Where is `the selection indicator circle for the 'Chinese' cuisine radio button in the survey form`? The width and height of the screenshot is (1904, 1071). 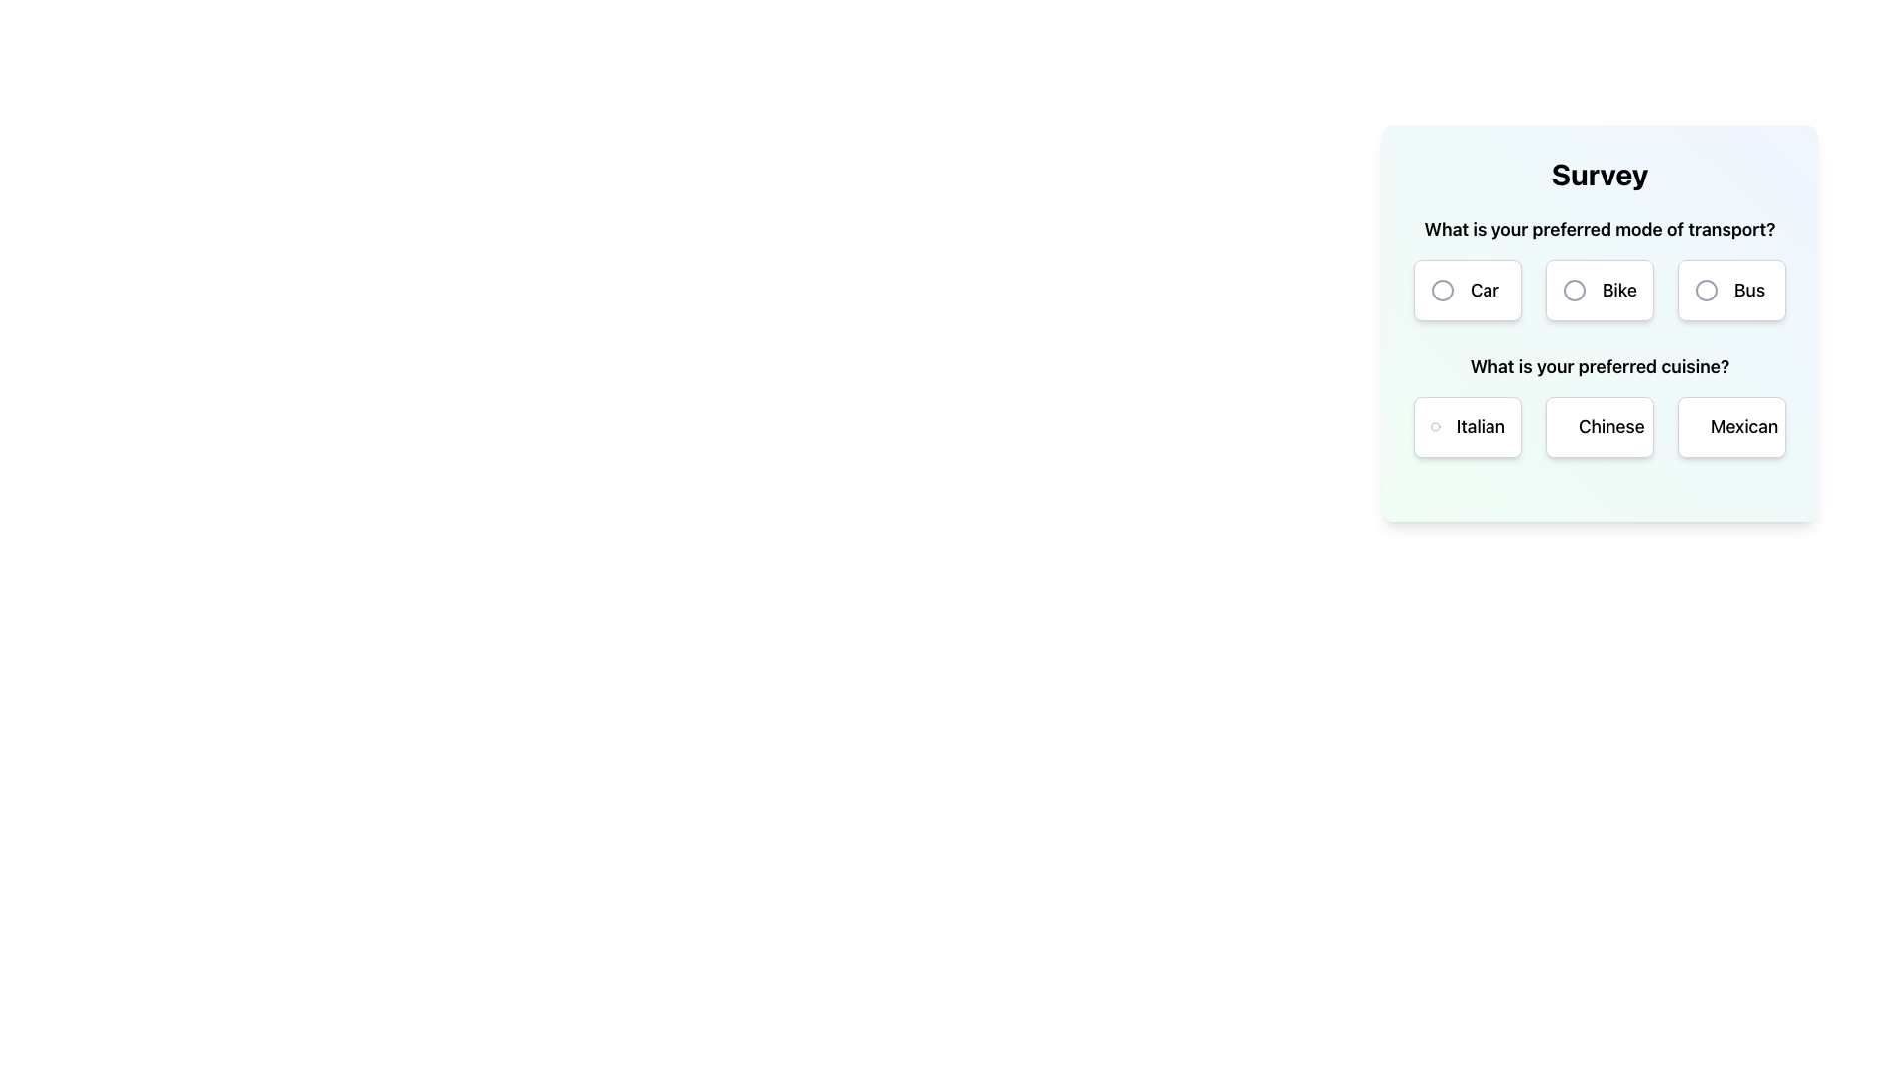 the selection indicator circle for the 'Chinese' cuisine radio button in the survey form is located at coordinates (1574, 426).